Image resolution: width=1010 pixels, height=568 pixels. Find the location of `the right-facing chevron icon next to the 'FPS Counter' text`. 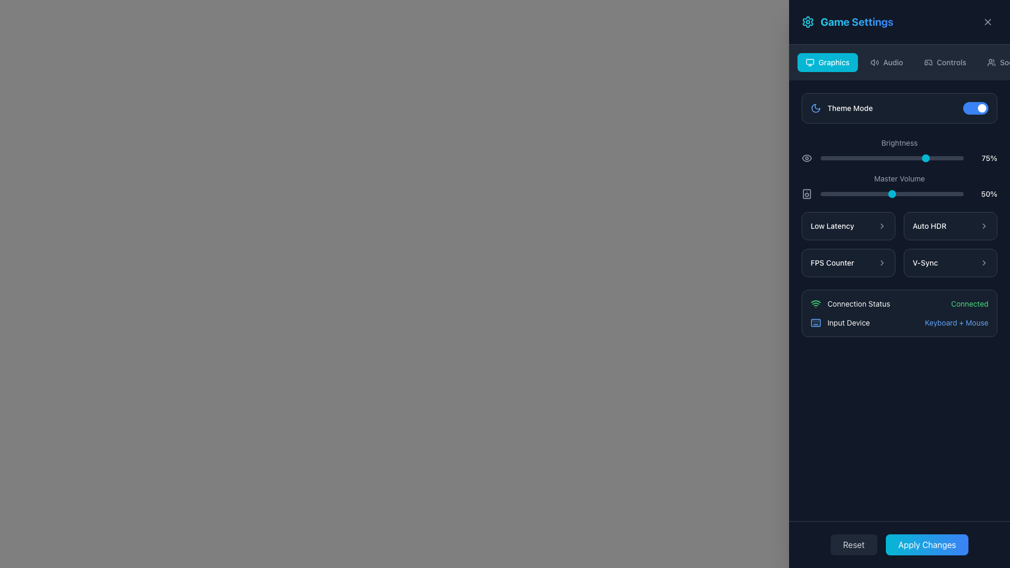

the right-facing chevron icon next to the 'FPS Counter' text is located at coordinates (882, 262).